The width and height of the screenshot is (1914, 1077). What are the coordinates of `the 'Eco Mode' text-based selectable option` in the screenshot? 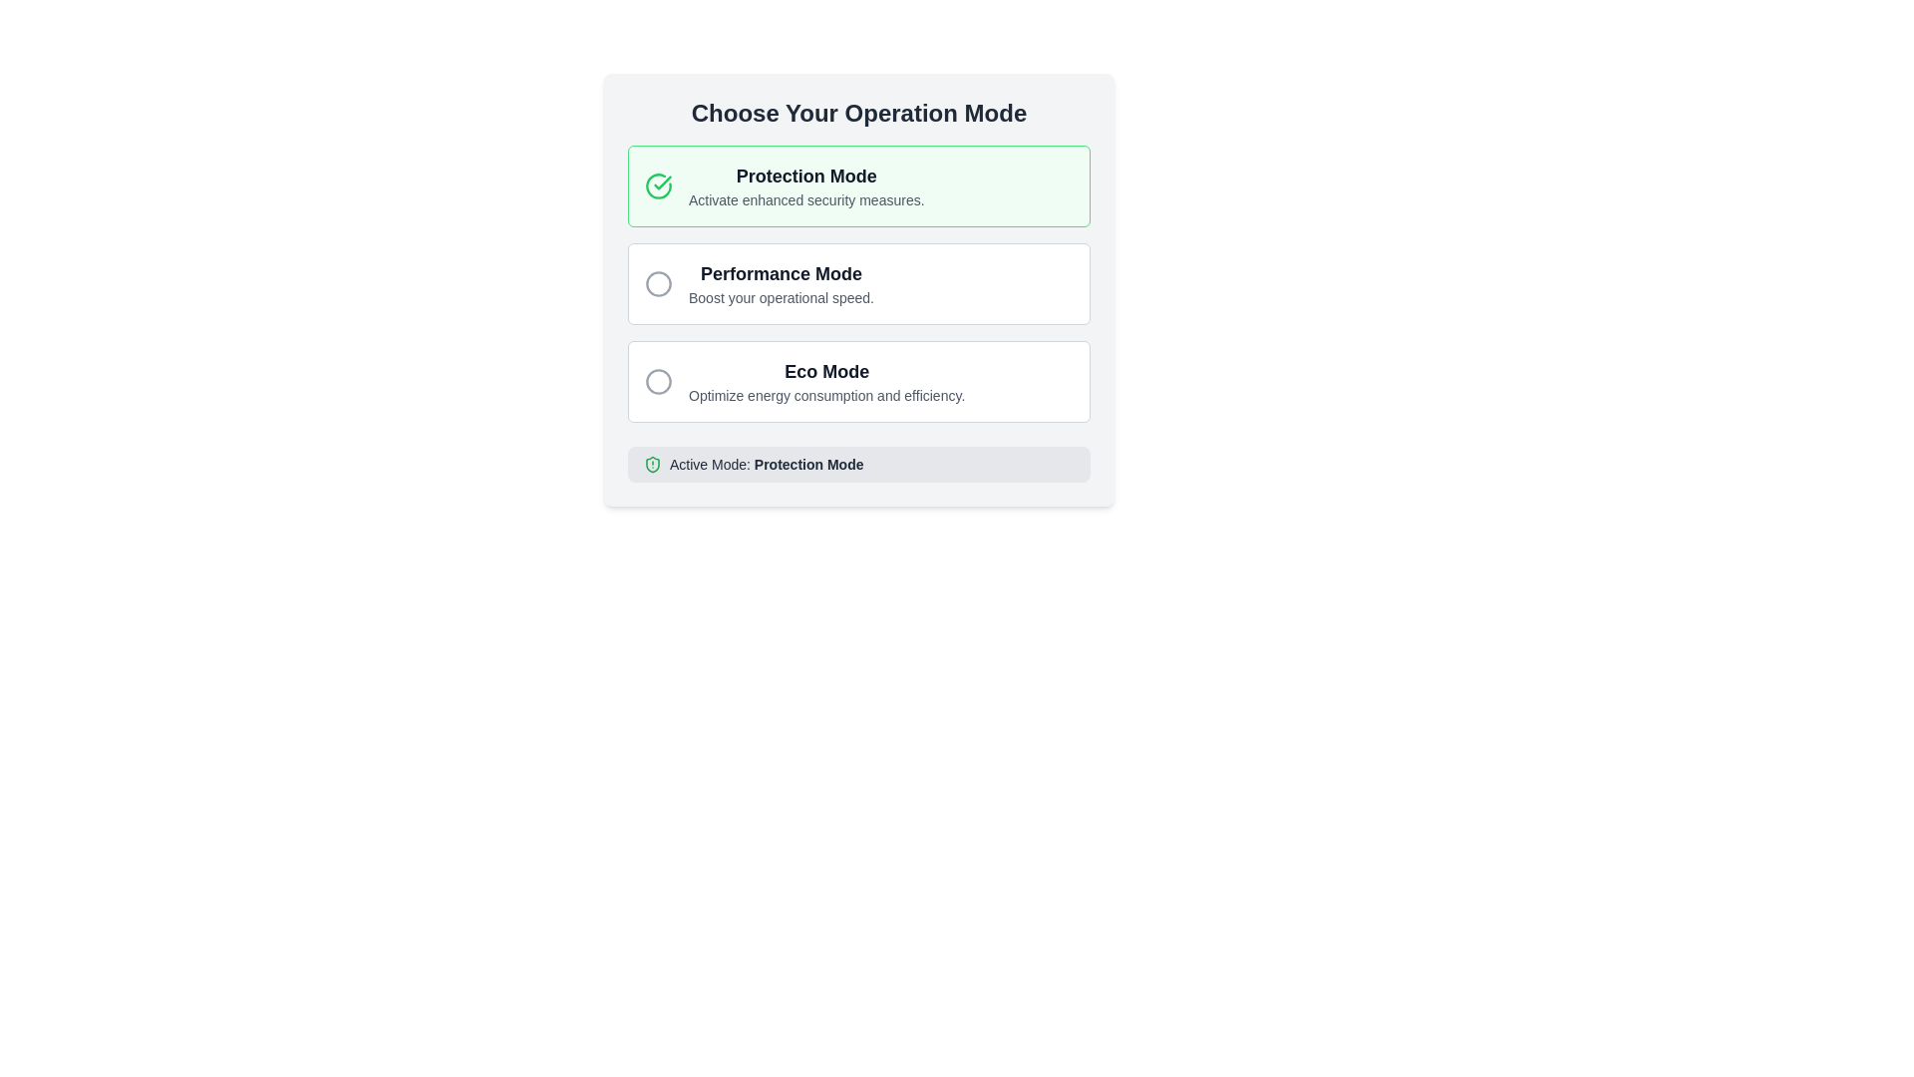 It's located at (826, 381).